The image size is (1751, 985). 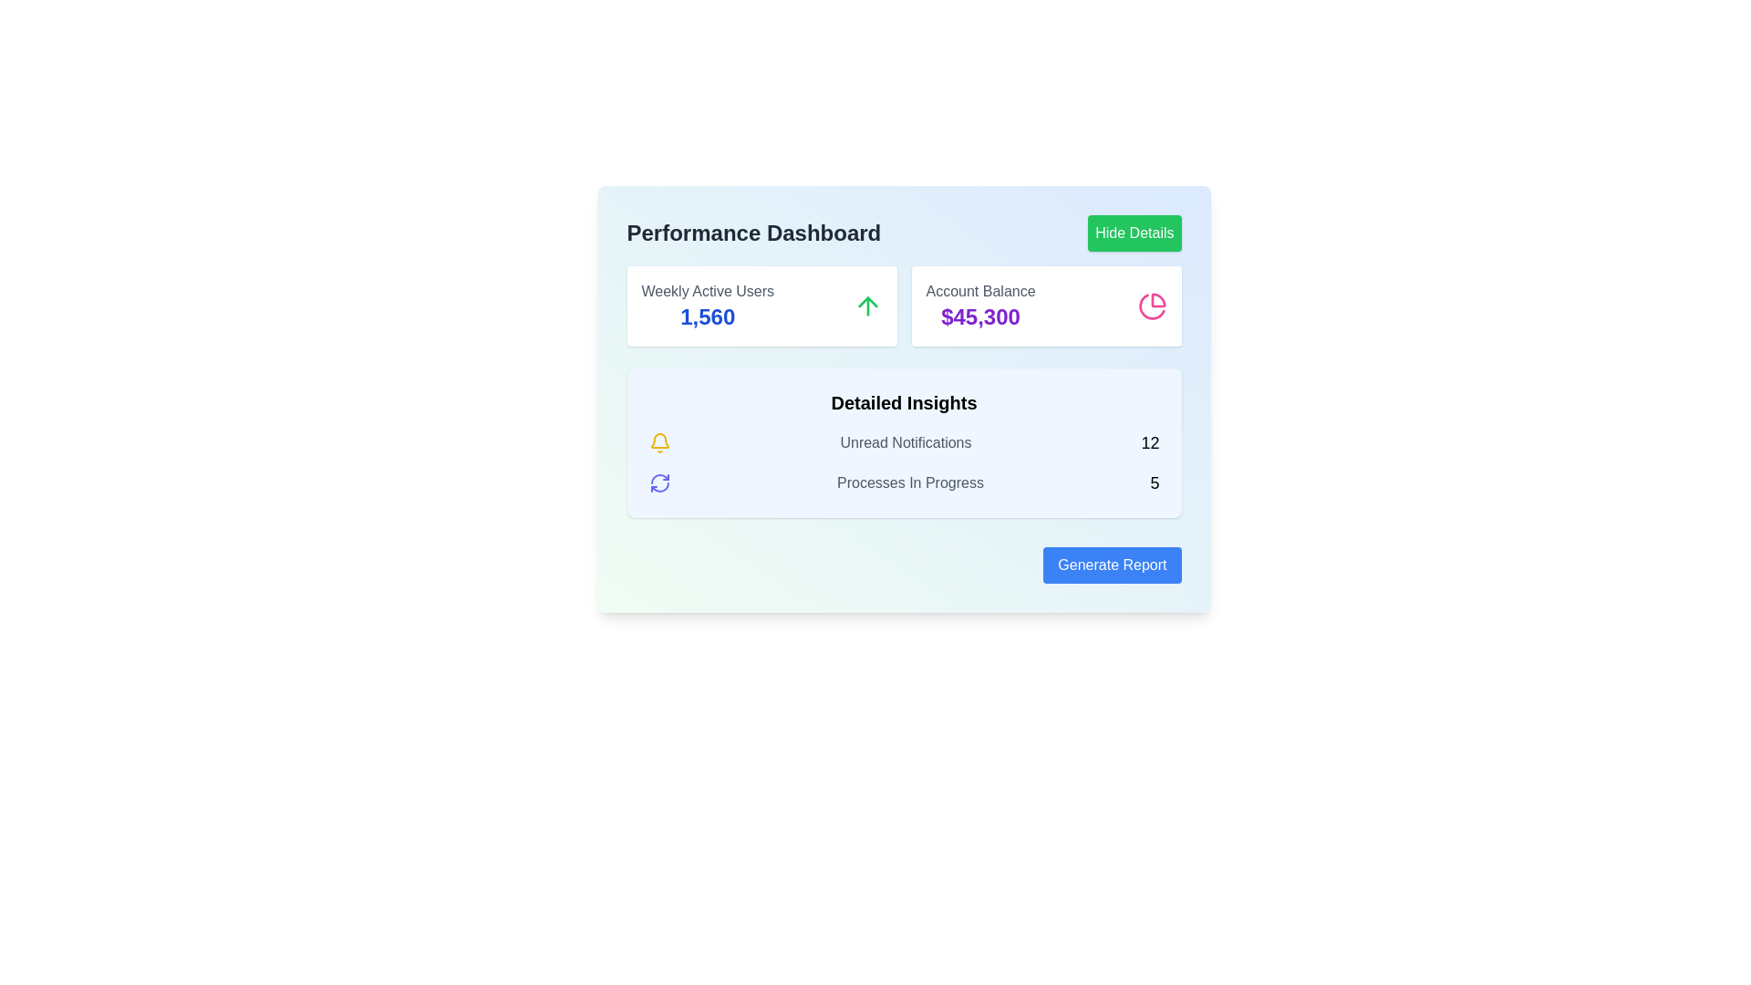 I want to click on the 'Unread Notifications' label, which is positioned between a notification bell icon and a numeric counter showing '12', so click(x=906, y=443).